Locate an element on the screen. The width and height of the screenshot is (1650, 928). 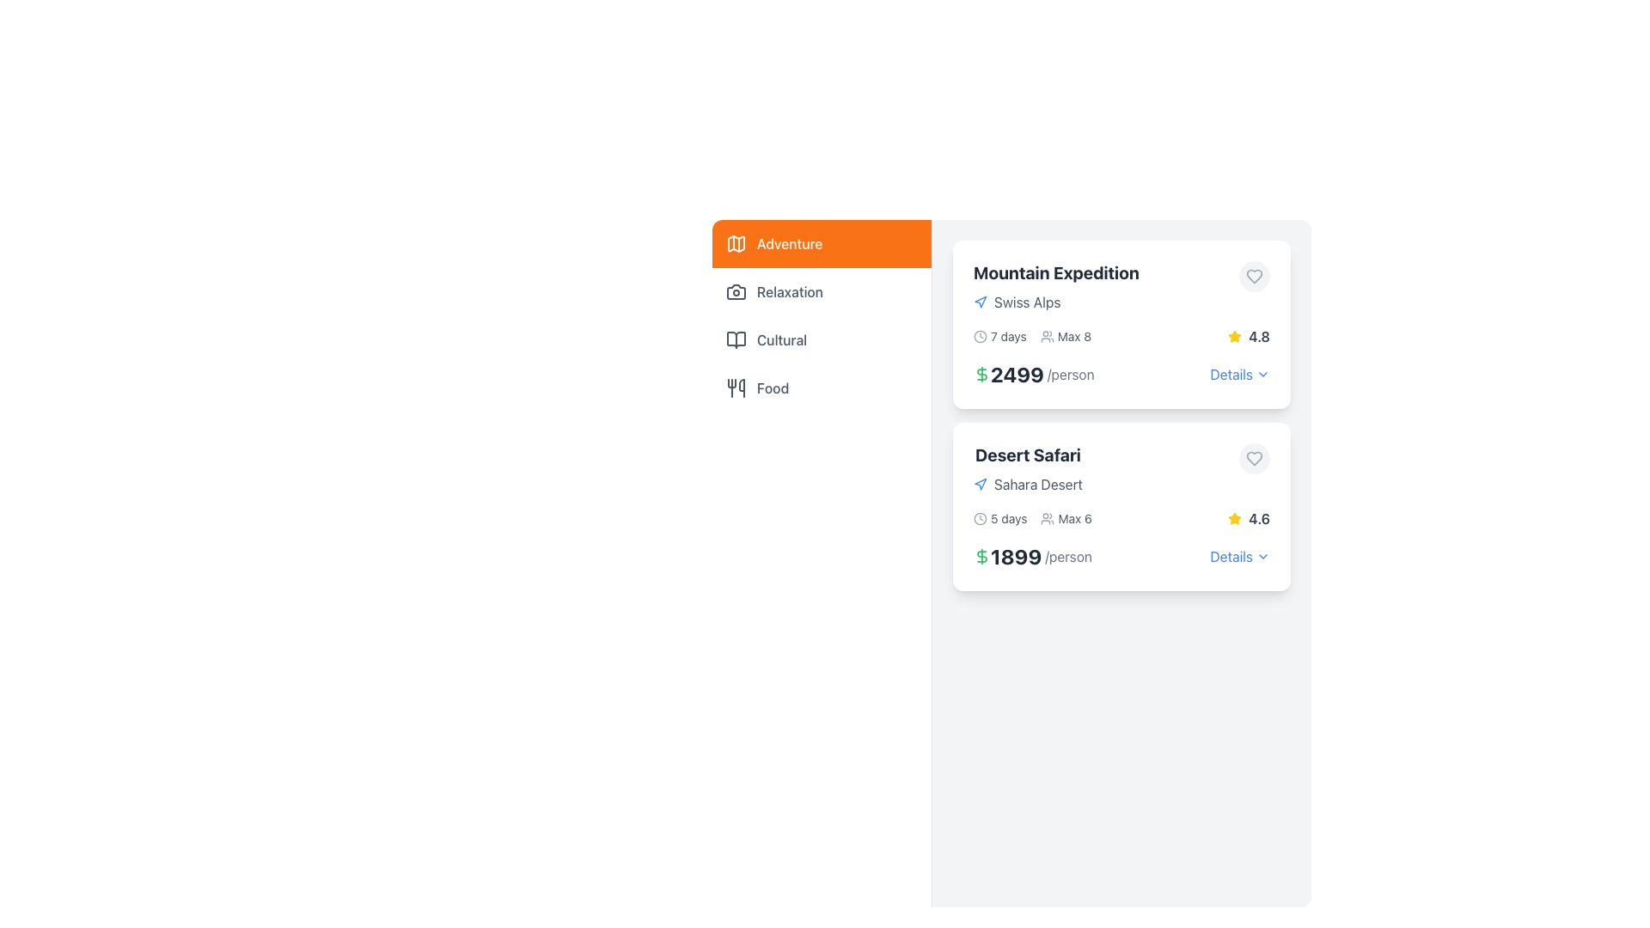
the small circular button with a light gray background and a heart icon, located at the top-right corner of the 'Desert Safari' card is located at coordinates (1254, 457).